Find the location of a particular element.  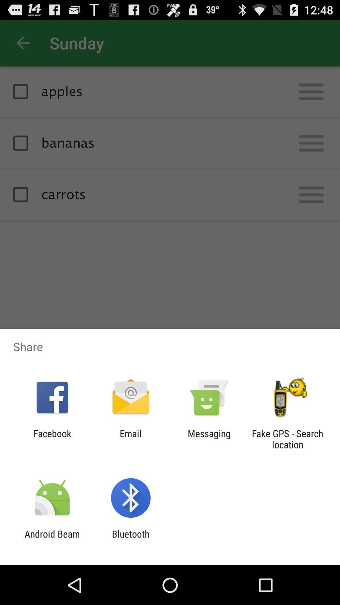

item next to the fake gps search is located at coordinates (209, 439).